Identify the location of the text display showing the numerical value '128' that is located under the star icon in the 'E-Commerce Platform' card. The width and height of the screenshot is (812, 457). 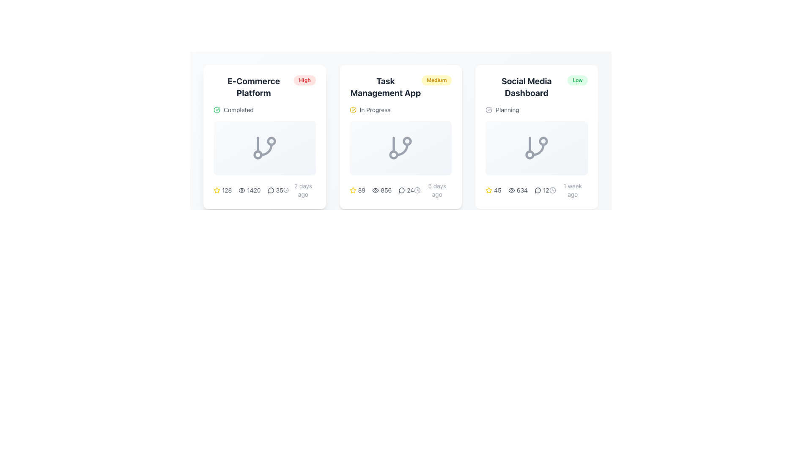
(227, 190).